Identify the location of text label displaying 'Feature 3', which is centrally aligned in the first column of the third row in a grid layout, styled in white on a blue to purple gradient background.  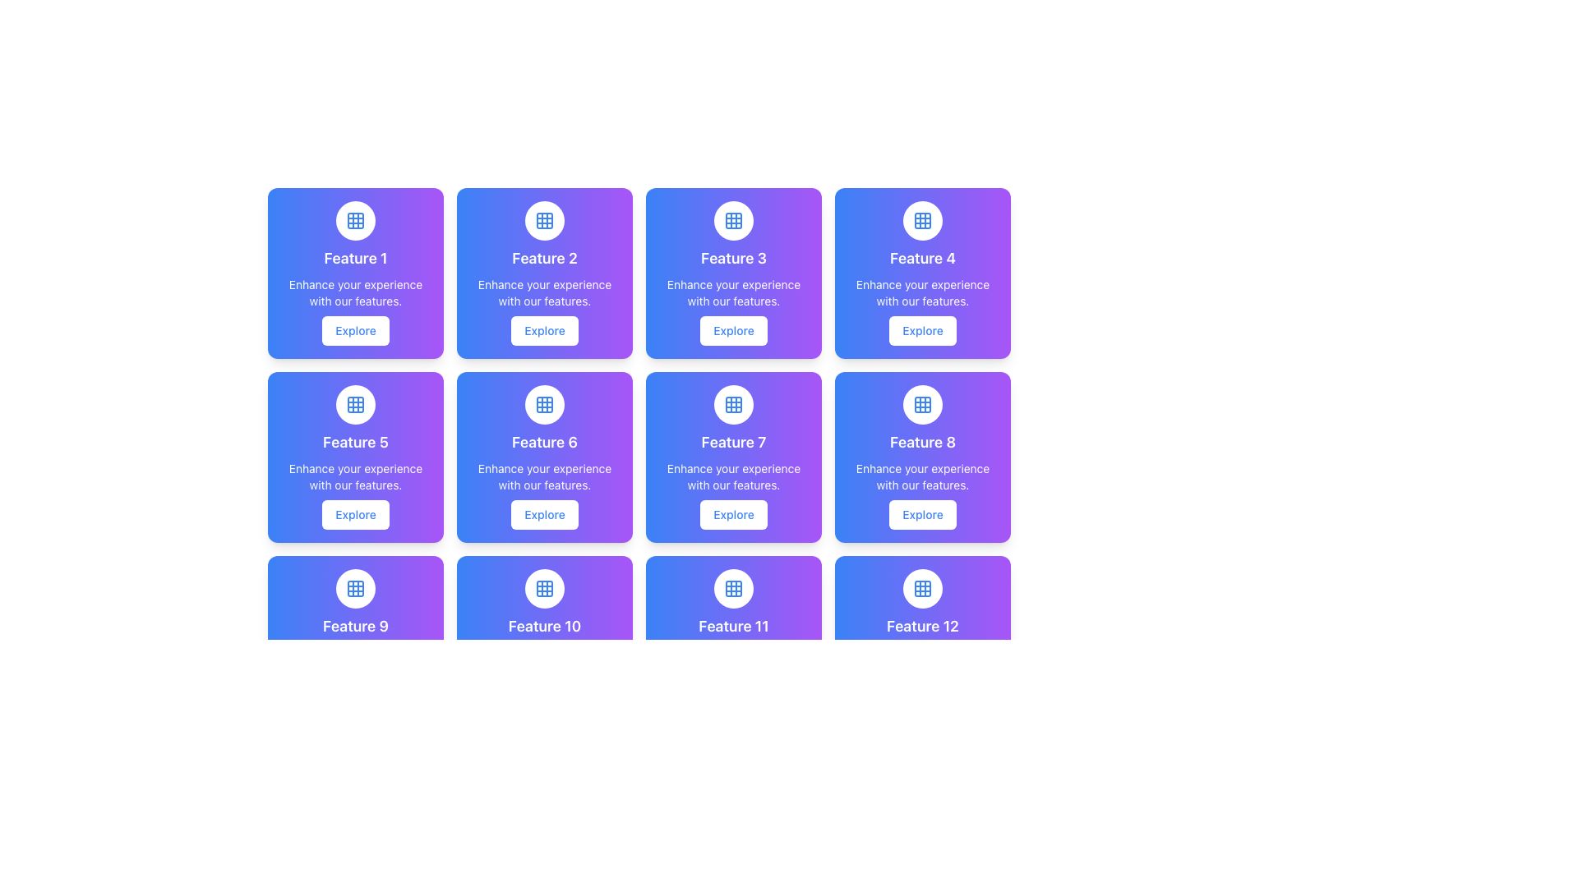
(732, 259).